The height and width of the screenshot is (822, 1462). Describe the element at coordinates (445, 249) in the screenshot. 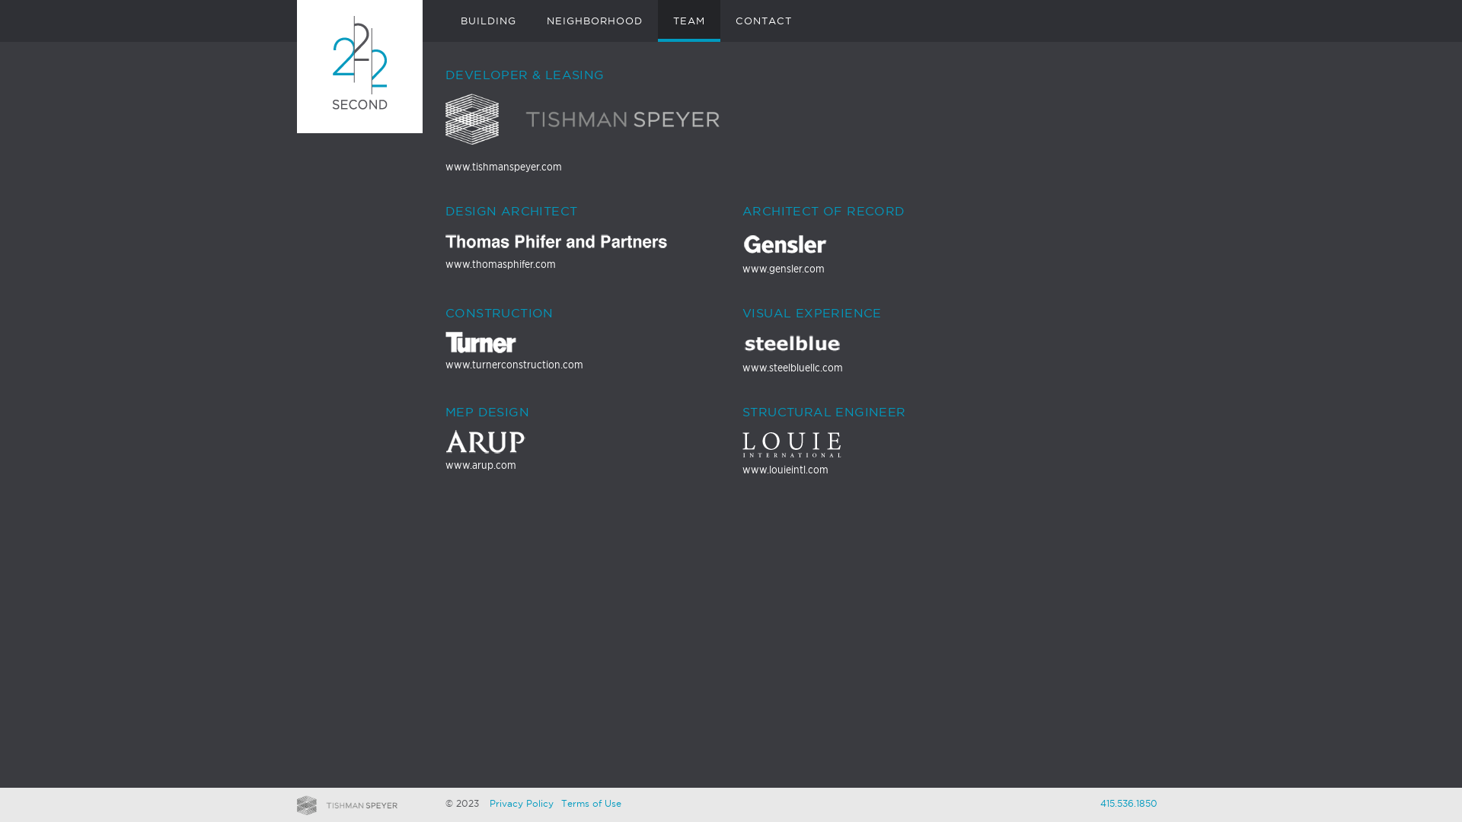

I see `'www.thomasphifer.com'` at that location.